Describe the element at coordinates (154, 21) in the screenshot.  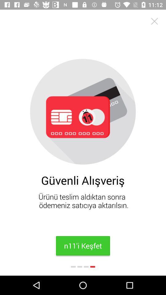
I see `the close icon` at that location.